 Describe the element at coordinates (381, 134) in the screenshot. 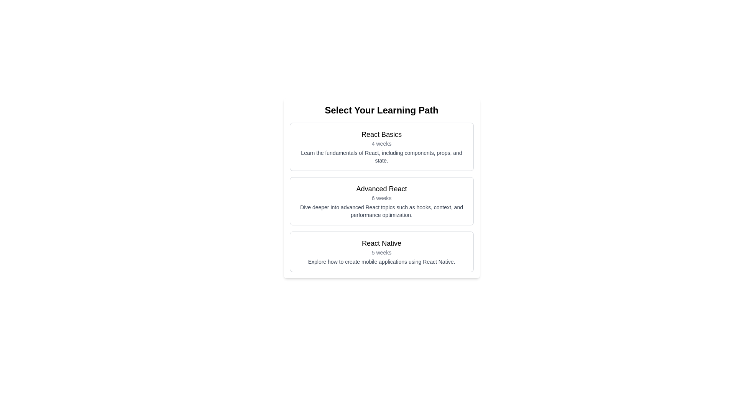

I see `the static text label reading 'React Basics', which is prominently displayed at the top of the course overview box` at that location.